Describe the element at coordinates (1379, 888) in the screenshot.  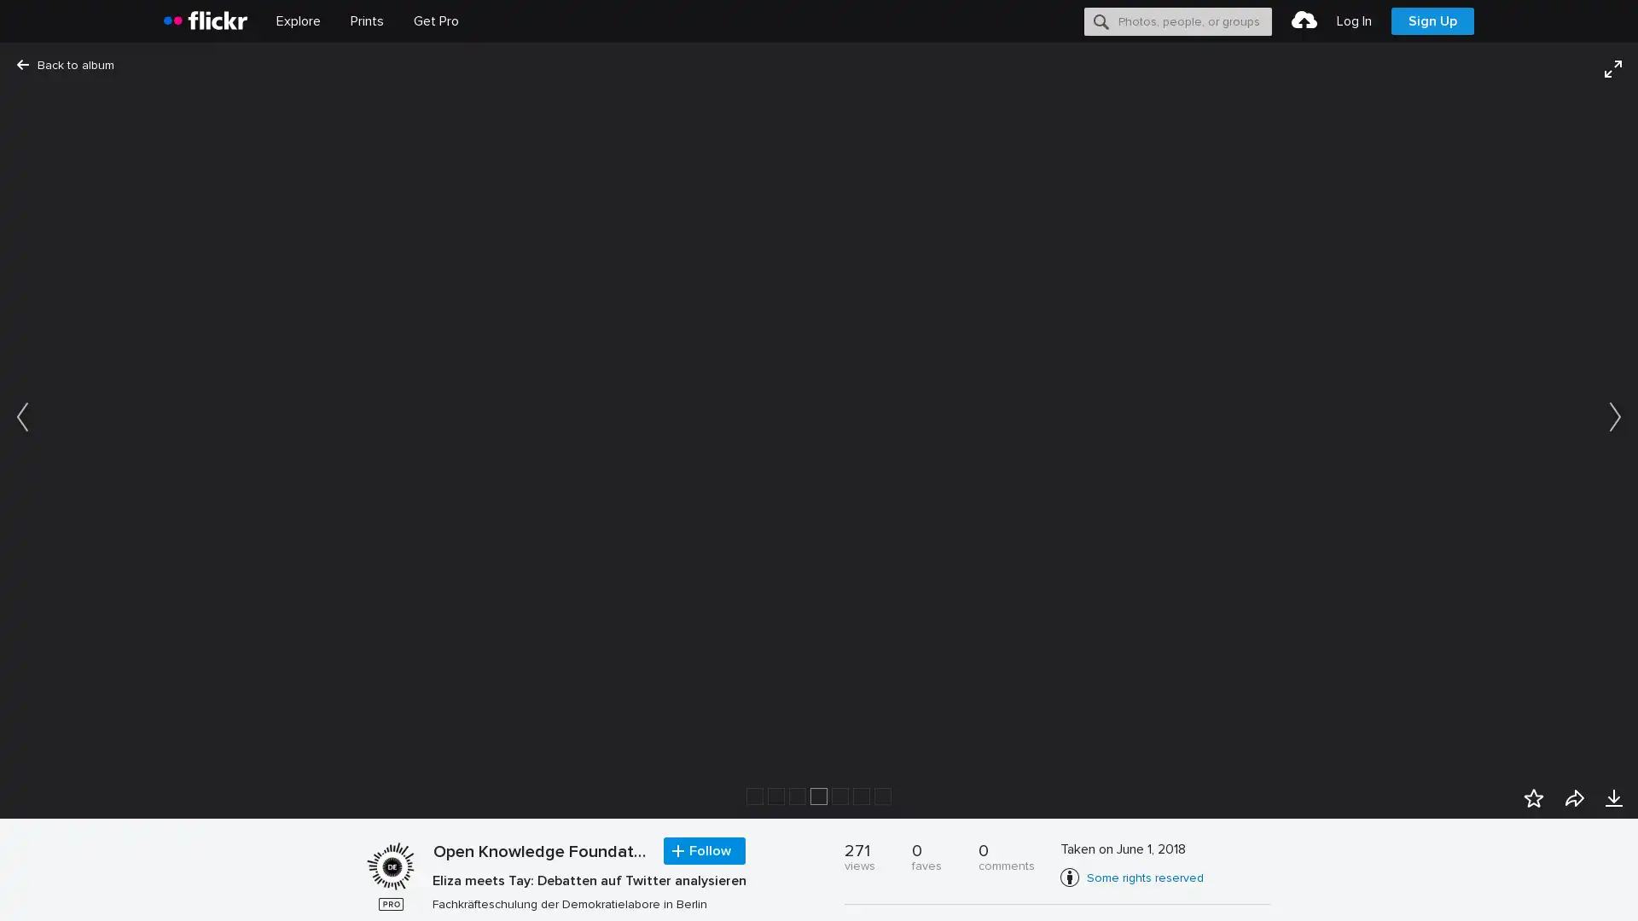
I see `Opt-out` at that location.